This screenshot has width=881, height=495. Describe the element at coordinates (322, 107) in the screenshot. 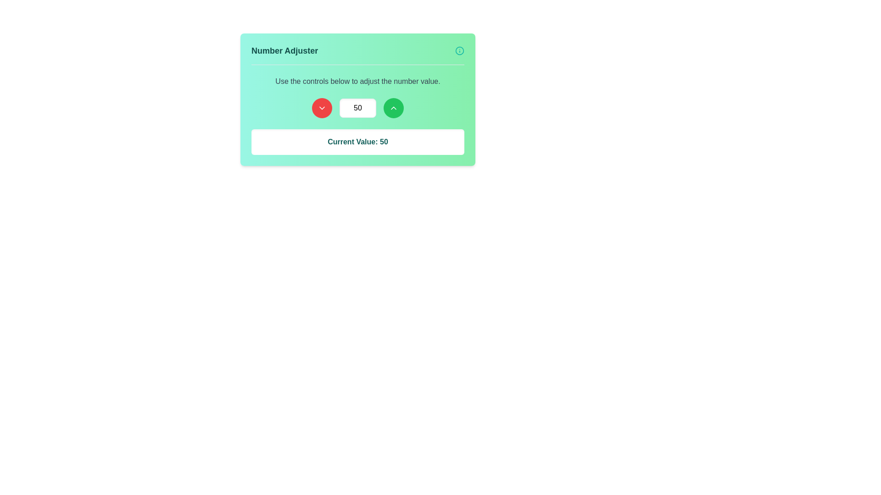

I see `the circular red button with a white downward arrow icon to trigger hover effects` at that location.